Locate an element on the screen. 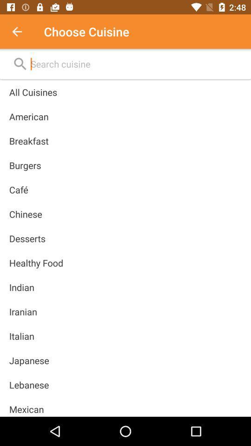 The width and height of the screenshot is (251, 446). the item below the iranian item is located at coordinates (21, 335).